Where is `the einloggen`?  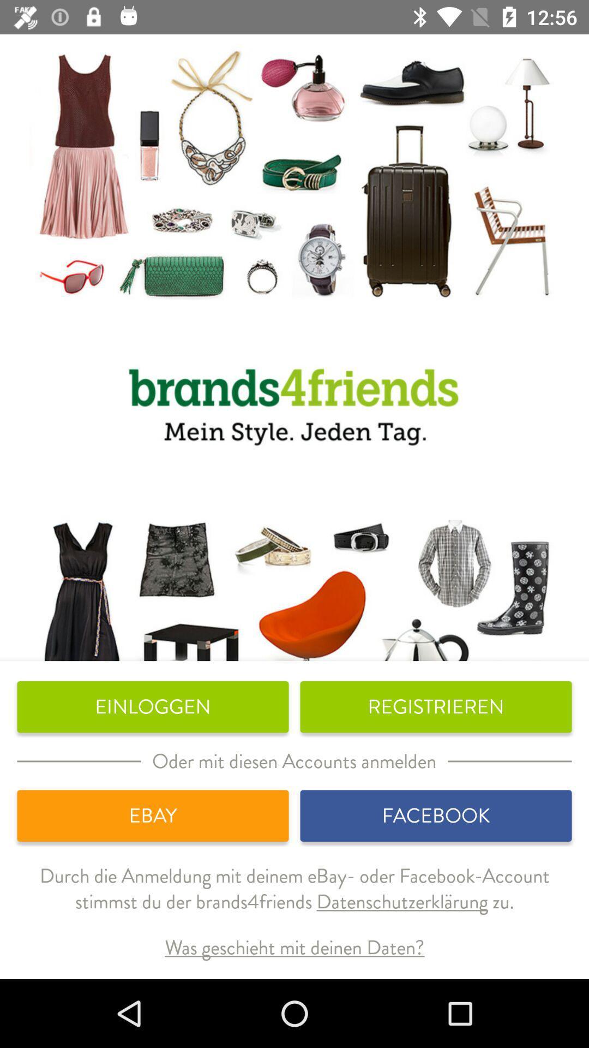 the einloggen is located at coordinates (153, 707).